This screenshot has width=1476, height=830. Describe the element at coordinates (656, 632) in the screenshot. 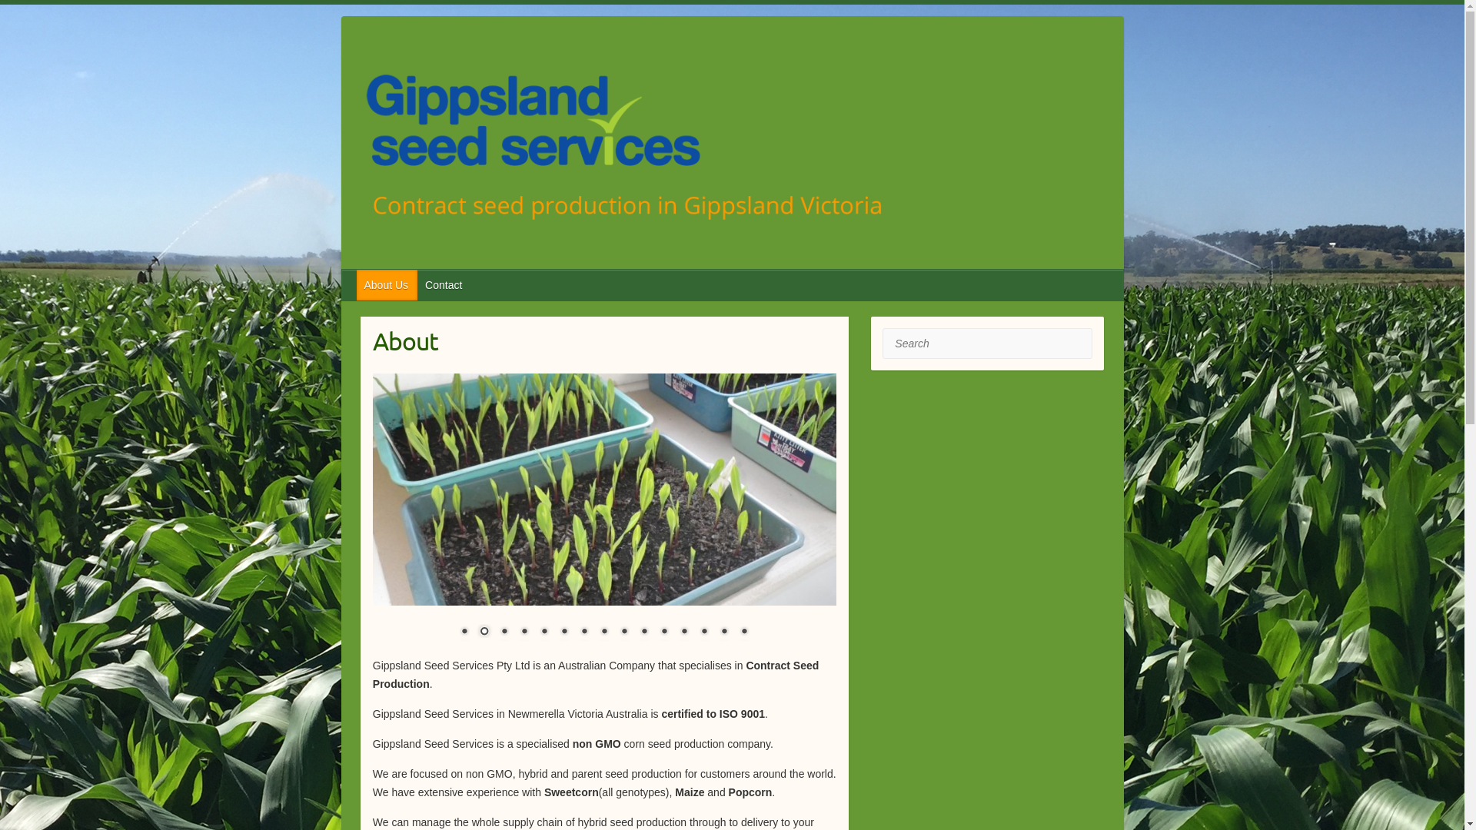

I see `'11'` at that location.